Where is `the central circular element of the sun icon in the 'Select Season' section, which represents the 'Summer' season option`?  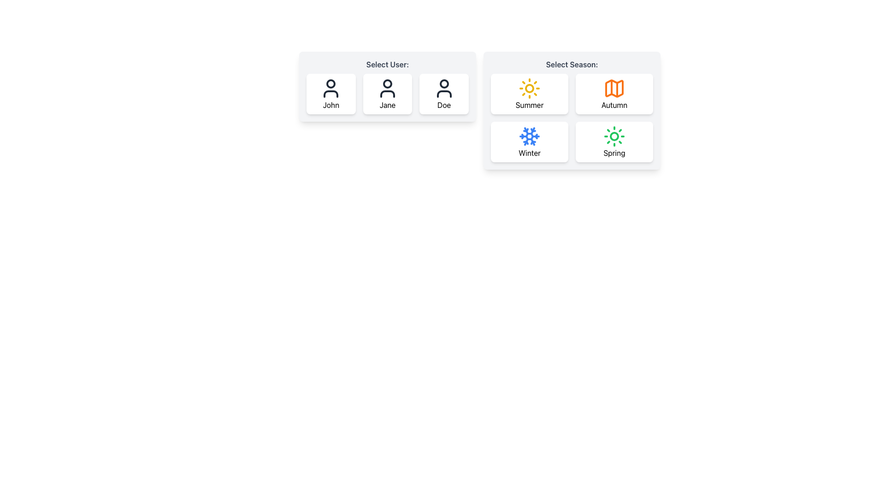 the central circular element of the sun icon in the 'Select Season' section, which represents the 'Summer' season option is located at coordinates (529, 89).